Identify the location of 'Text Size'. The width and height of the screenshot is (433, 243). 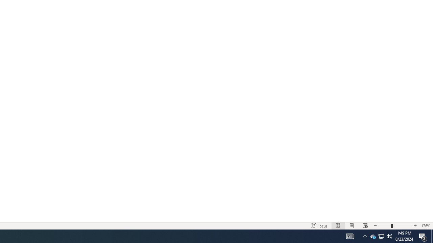
(395, 226).